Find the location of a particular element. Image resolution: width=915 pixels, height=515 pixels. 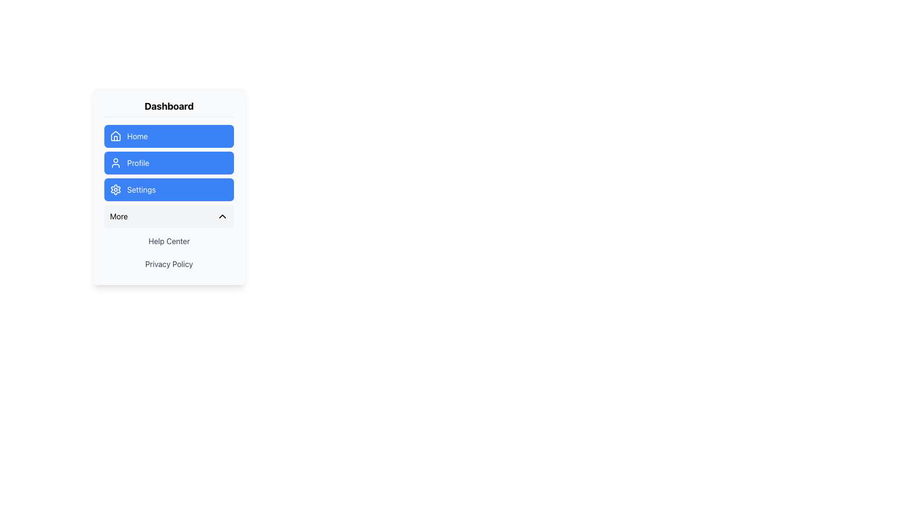

the 'Profile' button by interacting with the user silhouette icon located at its left side is located at coordinates (115, 163).